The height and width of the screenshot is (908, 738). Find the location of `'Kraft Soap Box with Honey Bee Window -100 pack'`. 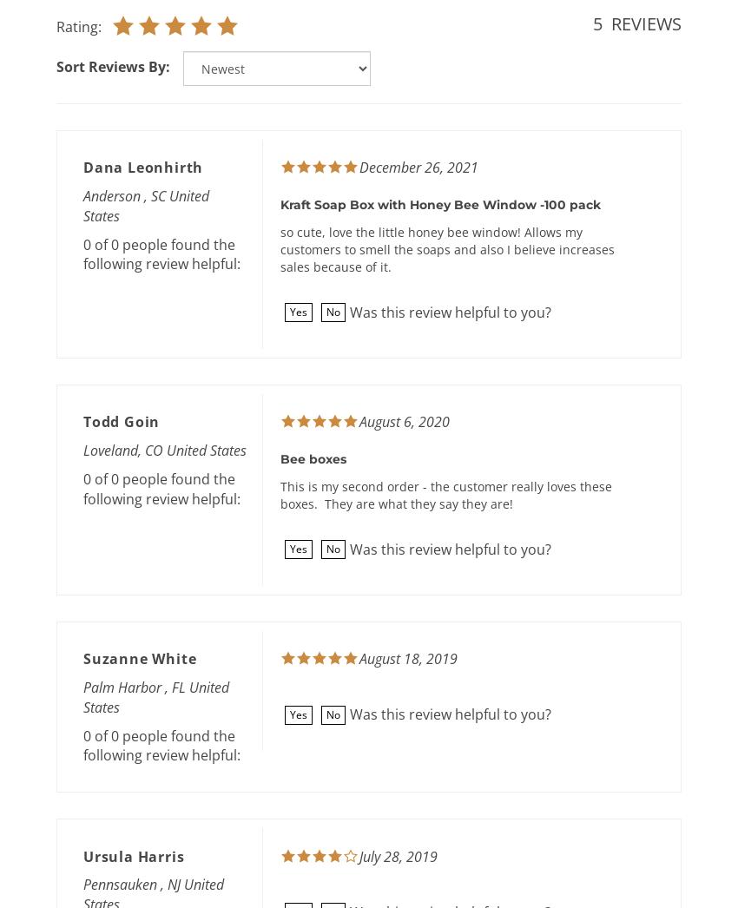

'Kraft Soap Box with Honey Bee Window -100 pack' is located at coordinates (280, 203).